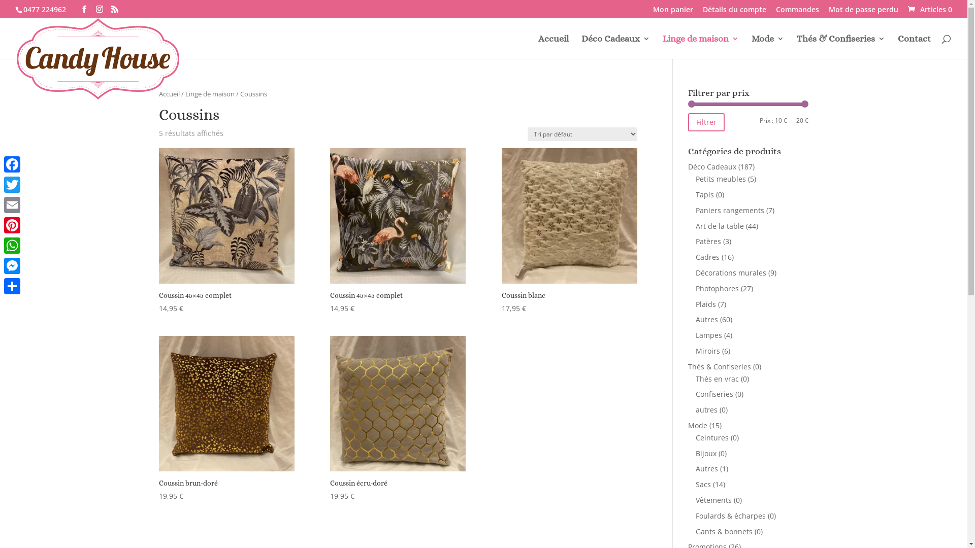  What do you see at coordinates (700, 47) in the screenshot?
I see `'Linge de maison'` at bounding box center [700, 47].